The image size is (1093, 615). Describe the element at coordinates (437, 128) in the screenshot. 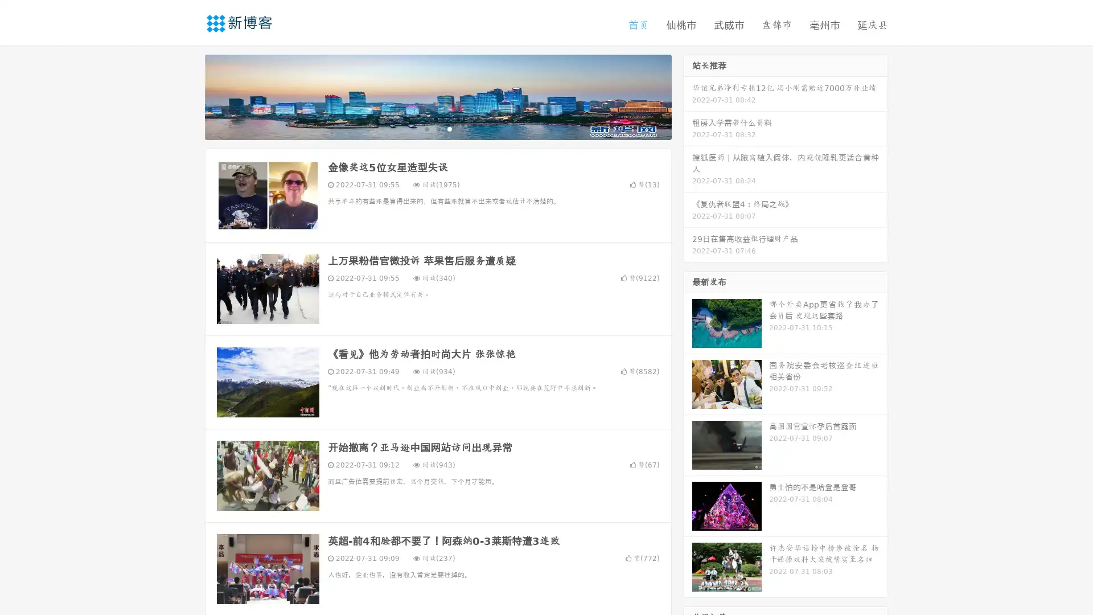

I see `Go to slide 2` at that location.